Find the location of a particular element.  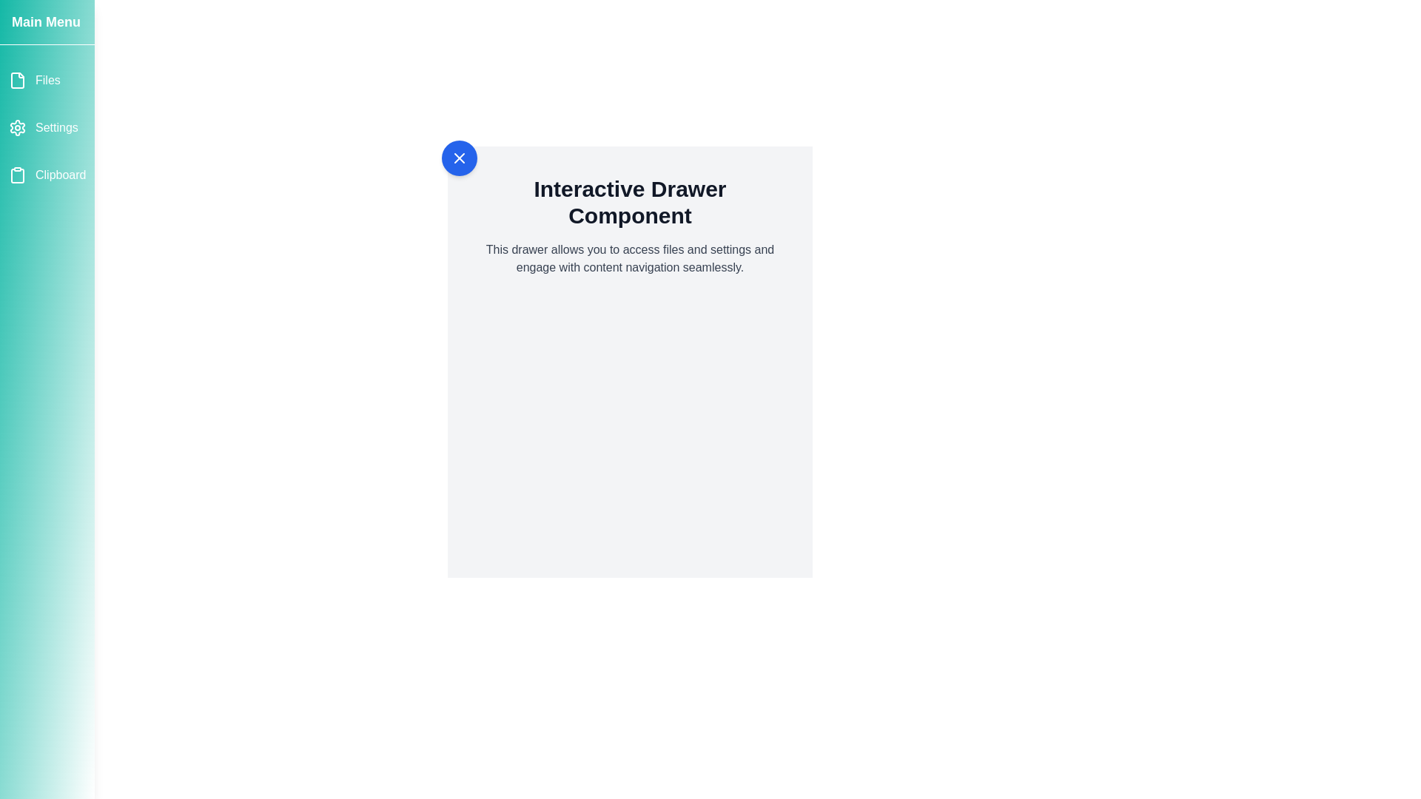

the menu item Settings to observe the hover effect is located at coordinates (47, 127).